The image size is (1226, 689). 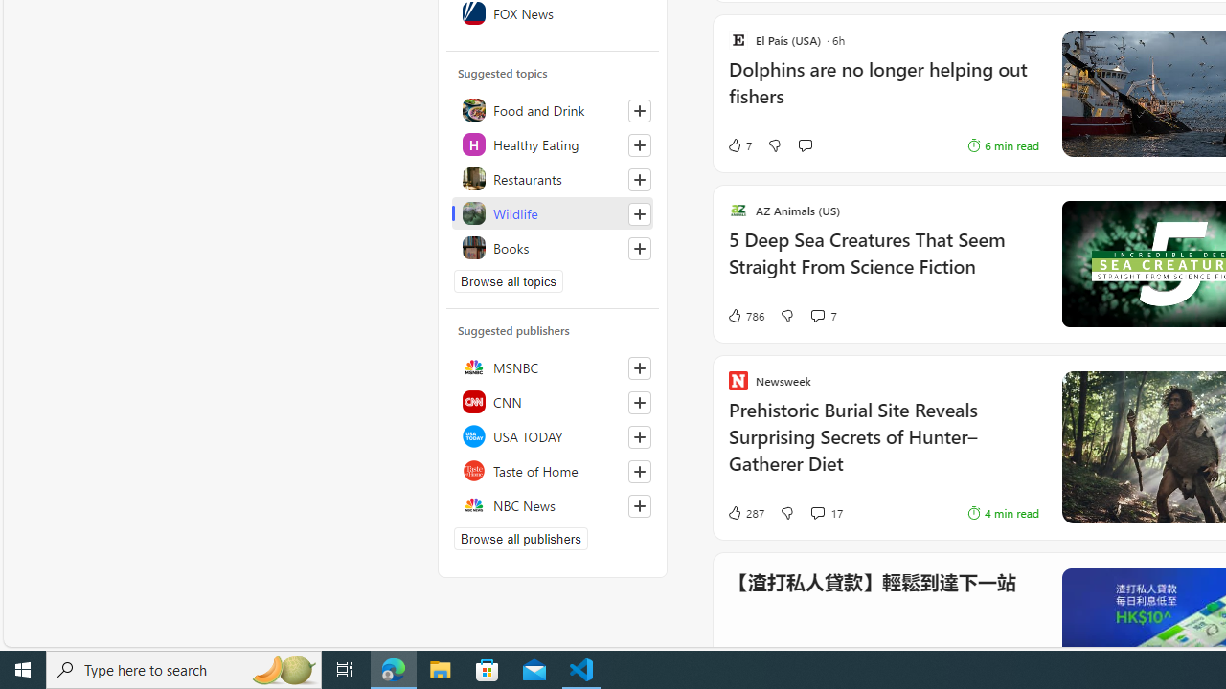 I want to click on 'Taste of Home', so click(x=552, y=471).